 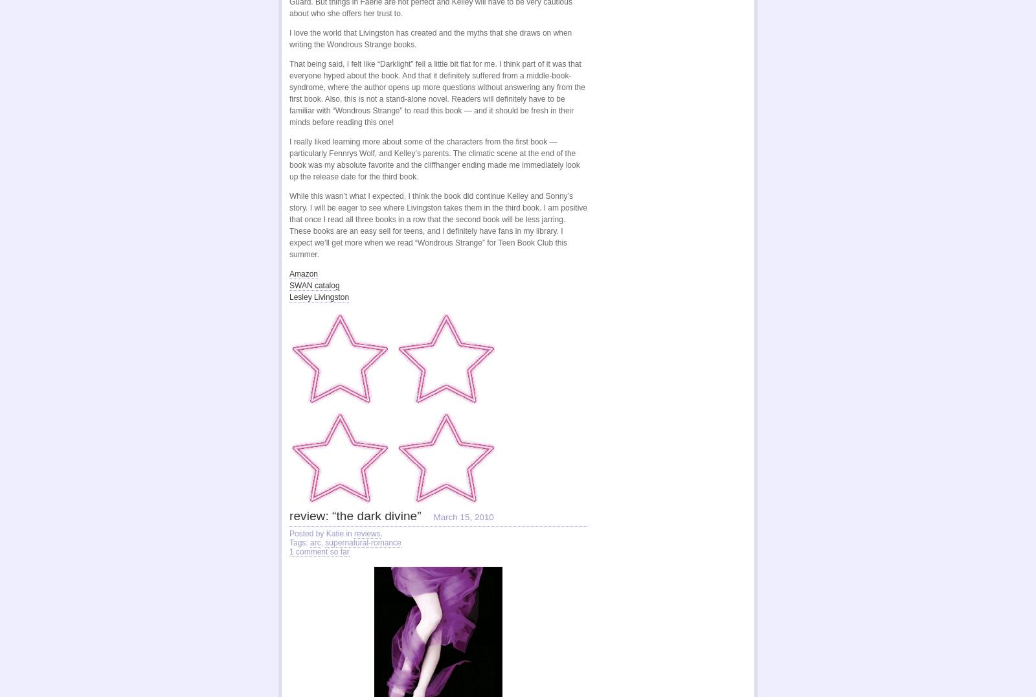 What do you see at coordinates (380, 533) in the screenshot?
I see `'.'` at bounding box center [380, 533].